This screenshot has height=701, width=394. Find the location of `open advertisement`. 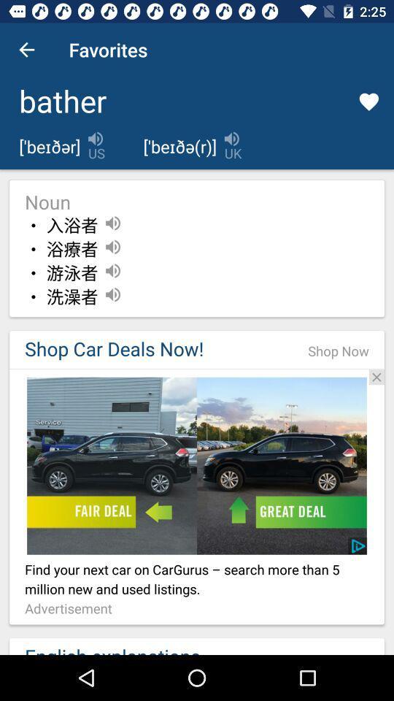

open advertisement is located at coordinates (197, 368).